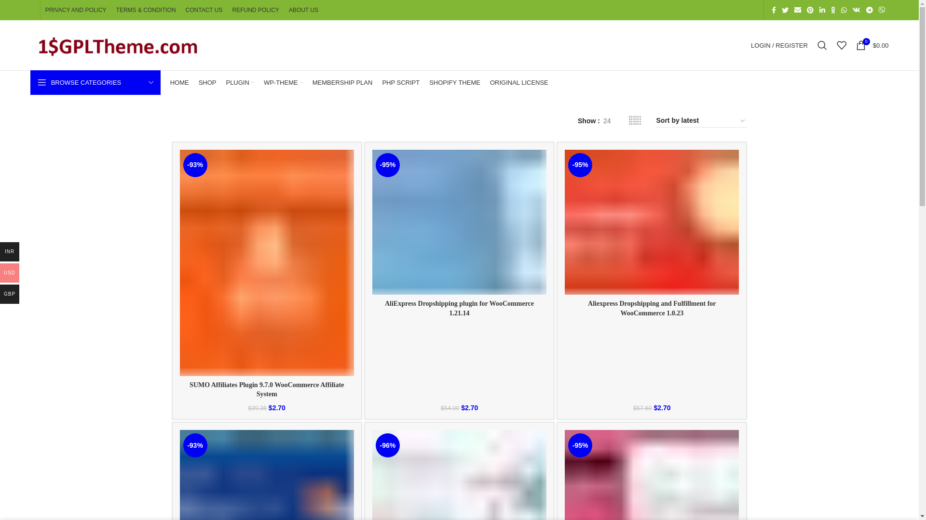  What do you see at coordinates (821, 45) in the screenshot?
I see `'Search'` at bounding box center [821, 45].